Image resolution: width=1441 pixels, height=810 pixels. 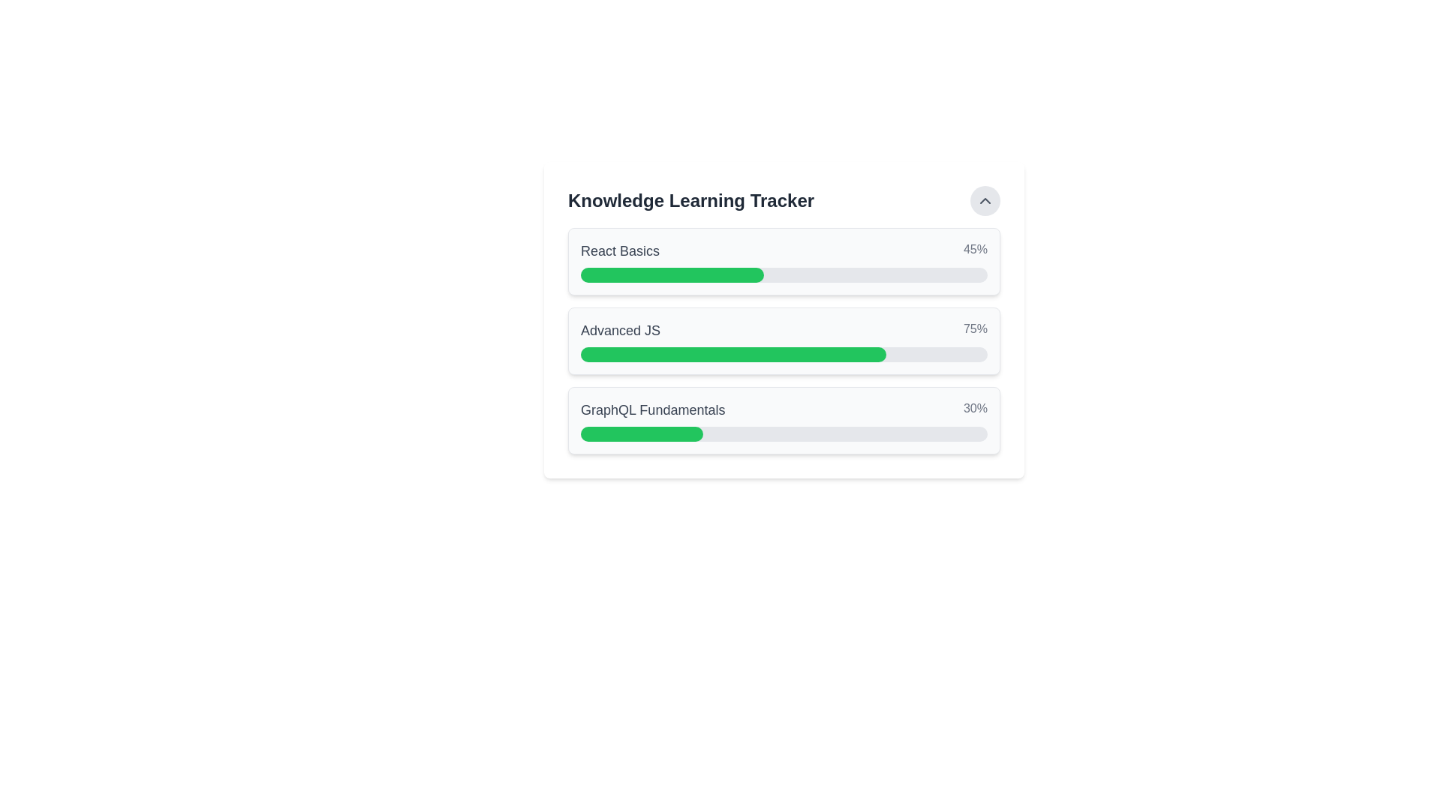 What do you see at coordinates (985, 199) in the screenshot?
I see `the circular button with a chevron-up icon located at the top-right corner of the 'Knowledge Learning Tracker' component` at bounding box center [985, 199].